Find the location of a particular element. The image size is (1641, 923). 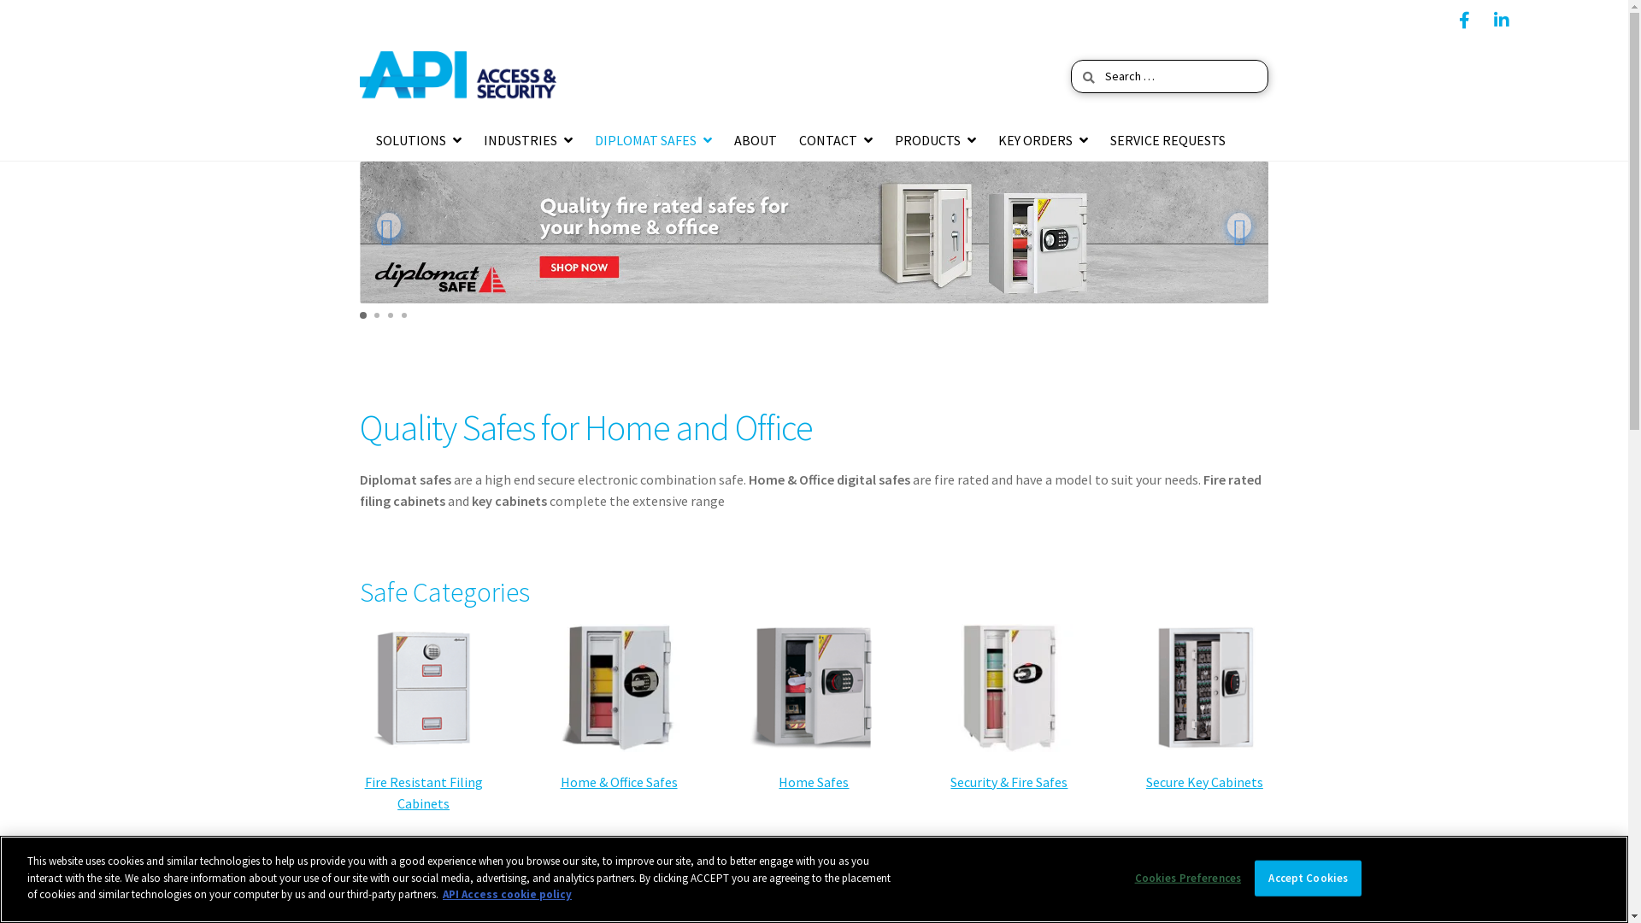

'PRODUCTS' is located at coordinates (934, 140).